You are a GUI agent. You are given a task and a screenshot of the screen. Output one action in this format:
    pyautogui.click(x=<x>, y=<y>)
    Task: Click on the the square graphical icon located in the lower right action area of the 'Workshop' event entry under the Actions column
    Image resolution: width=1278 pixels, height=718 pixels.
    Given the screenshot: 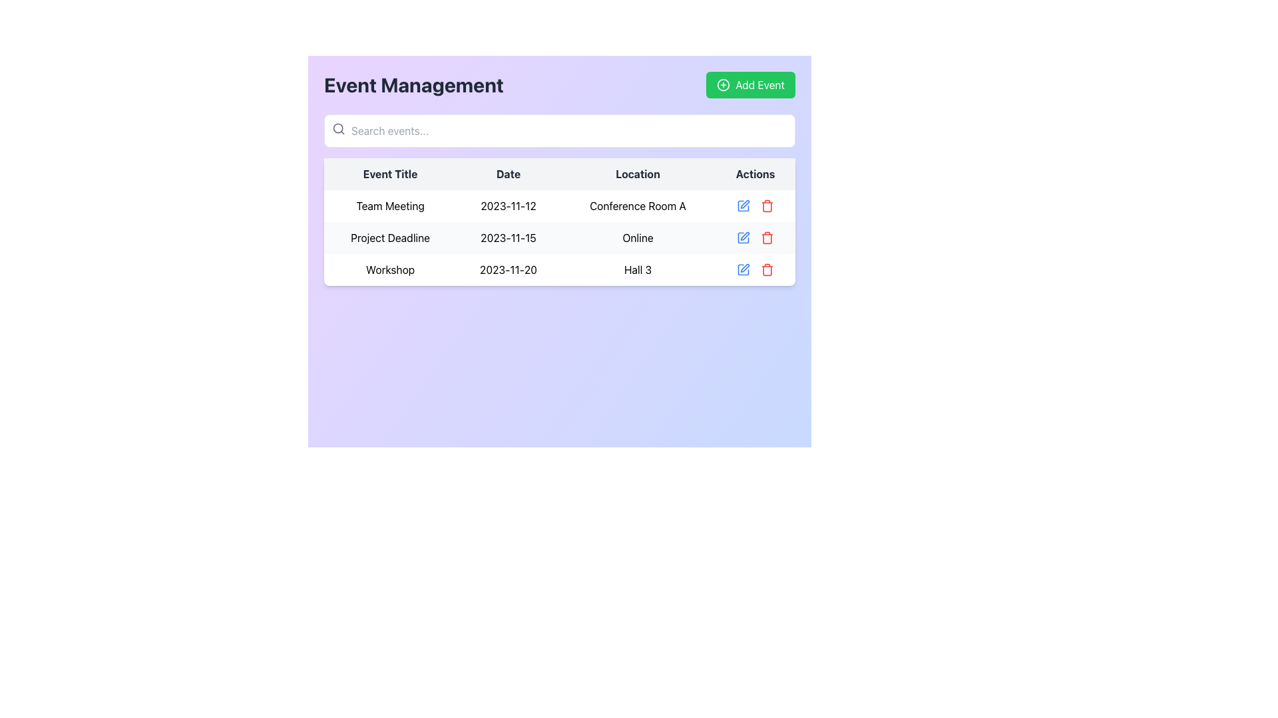 What is the action you would take?
    pyautogui.click(x=743, y=269)
    